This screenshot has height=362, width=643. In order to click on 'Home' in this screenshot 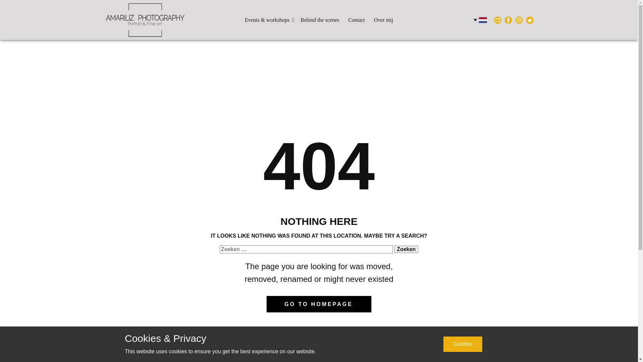, I will do `click(104, 19)`.